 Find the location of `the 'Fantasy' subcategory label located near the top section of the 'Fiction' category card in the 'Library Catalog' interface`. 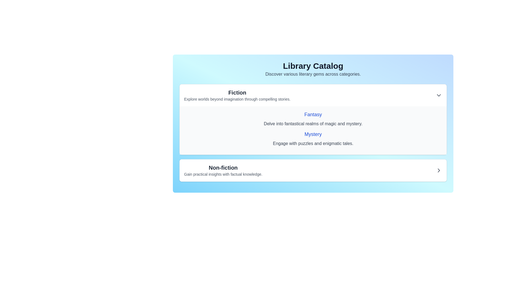

the 'Fantasy' subcategory label located near the top section of the 'Fiction' category card in the 'Library Catalog' interface is located at coordinates (313, 114).